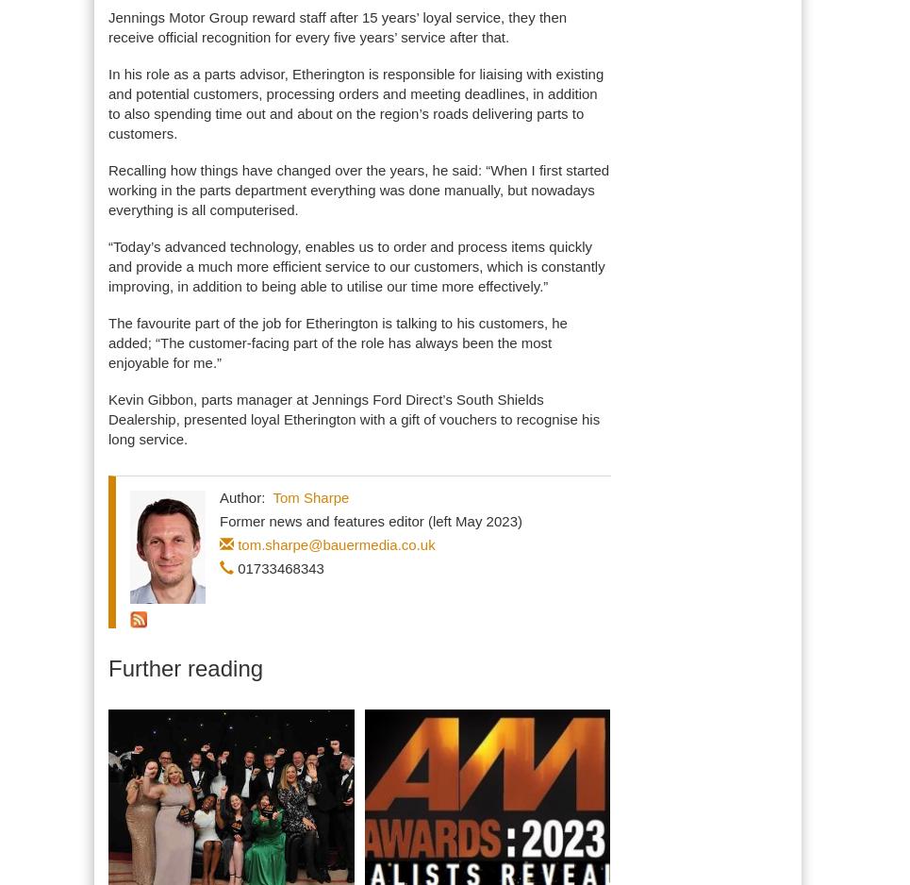 The height and width of the screenshot is (885, 910). Describe the element at coordinates (353, 418) in the screenshot. I see `'Kevin Gibbon, parts manager at Jennings Ford Direct’s South Shields Dealership, presented loyal Etherington with a gift of vouchers to recognise his long service.'` at that location.